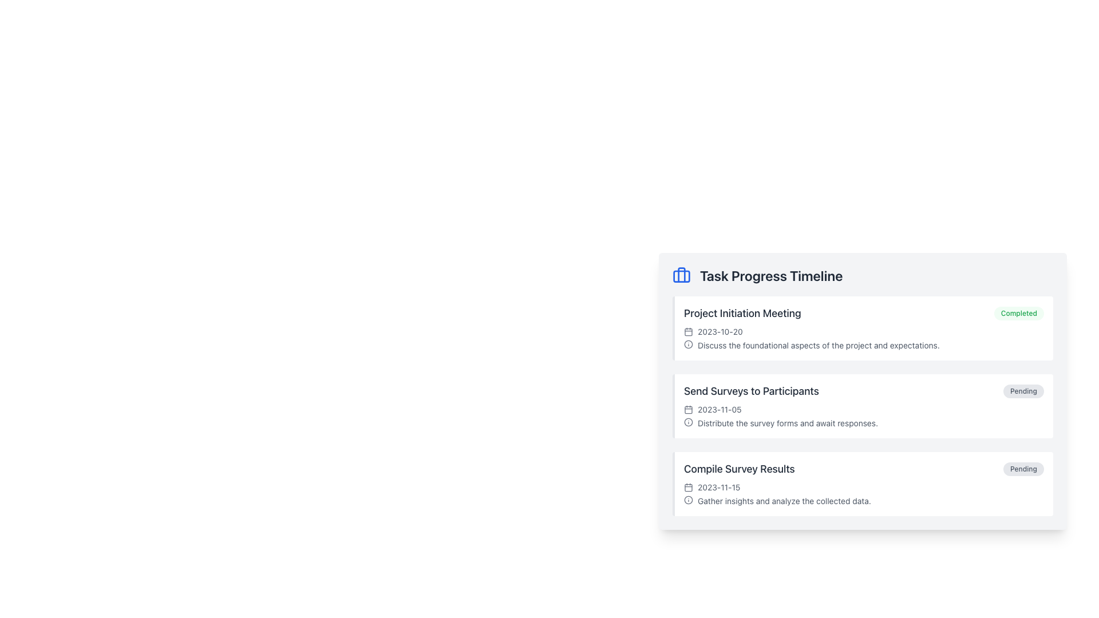  Describe the element at coordinates (688, 488) in the screenshot. I see `the calendar icon's main body rectangle, which is part of the Task Progress Timeline section and resembles a square with rounded corners` at that location.